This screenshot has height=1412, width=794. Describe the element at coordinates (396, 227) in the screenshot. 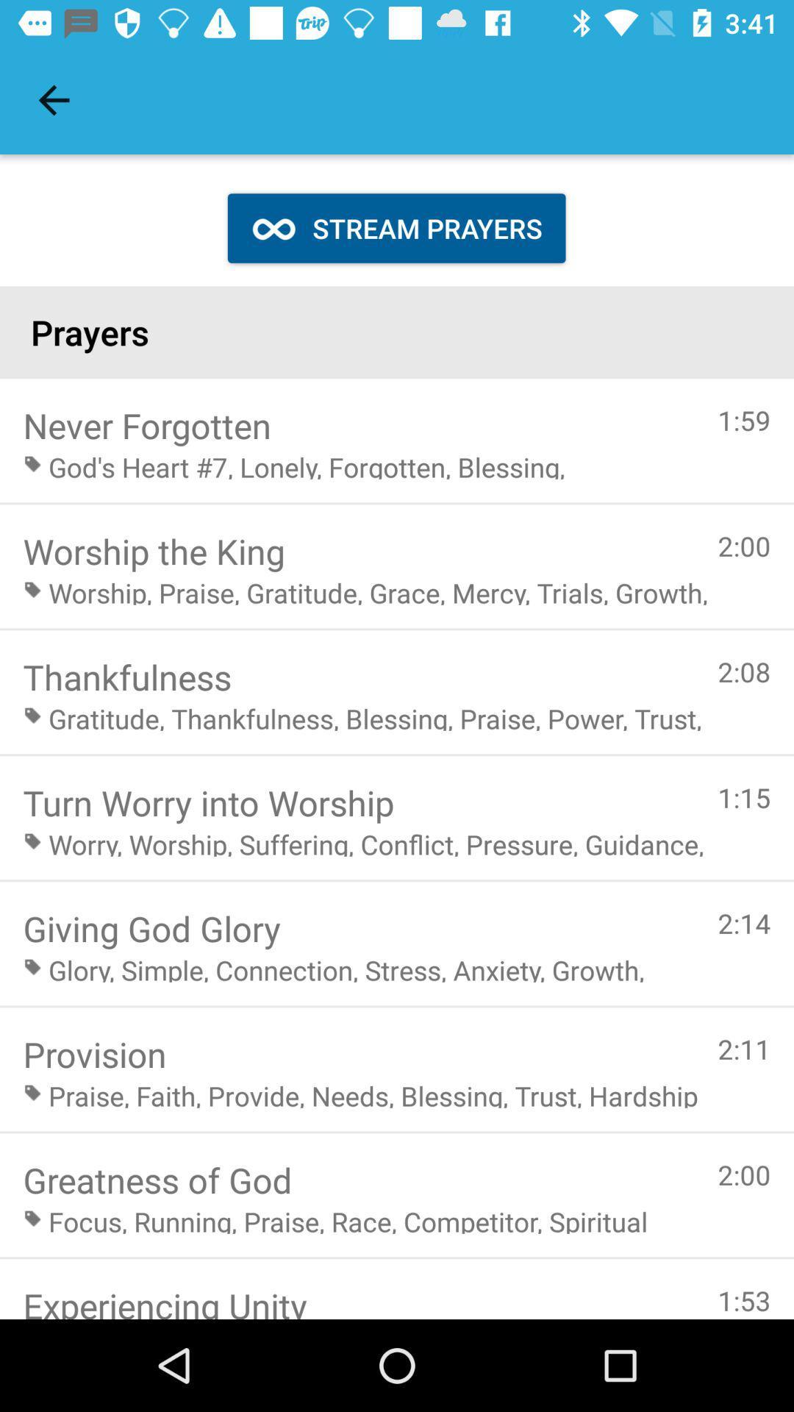

I see `the stream prayers item` at that location.